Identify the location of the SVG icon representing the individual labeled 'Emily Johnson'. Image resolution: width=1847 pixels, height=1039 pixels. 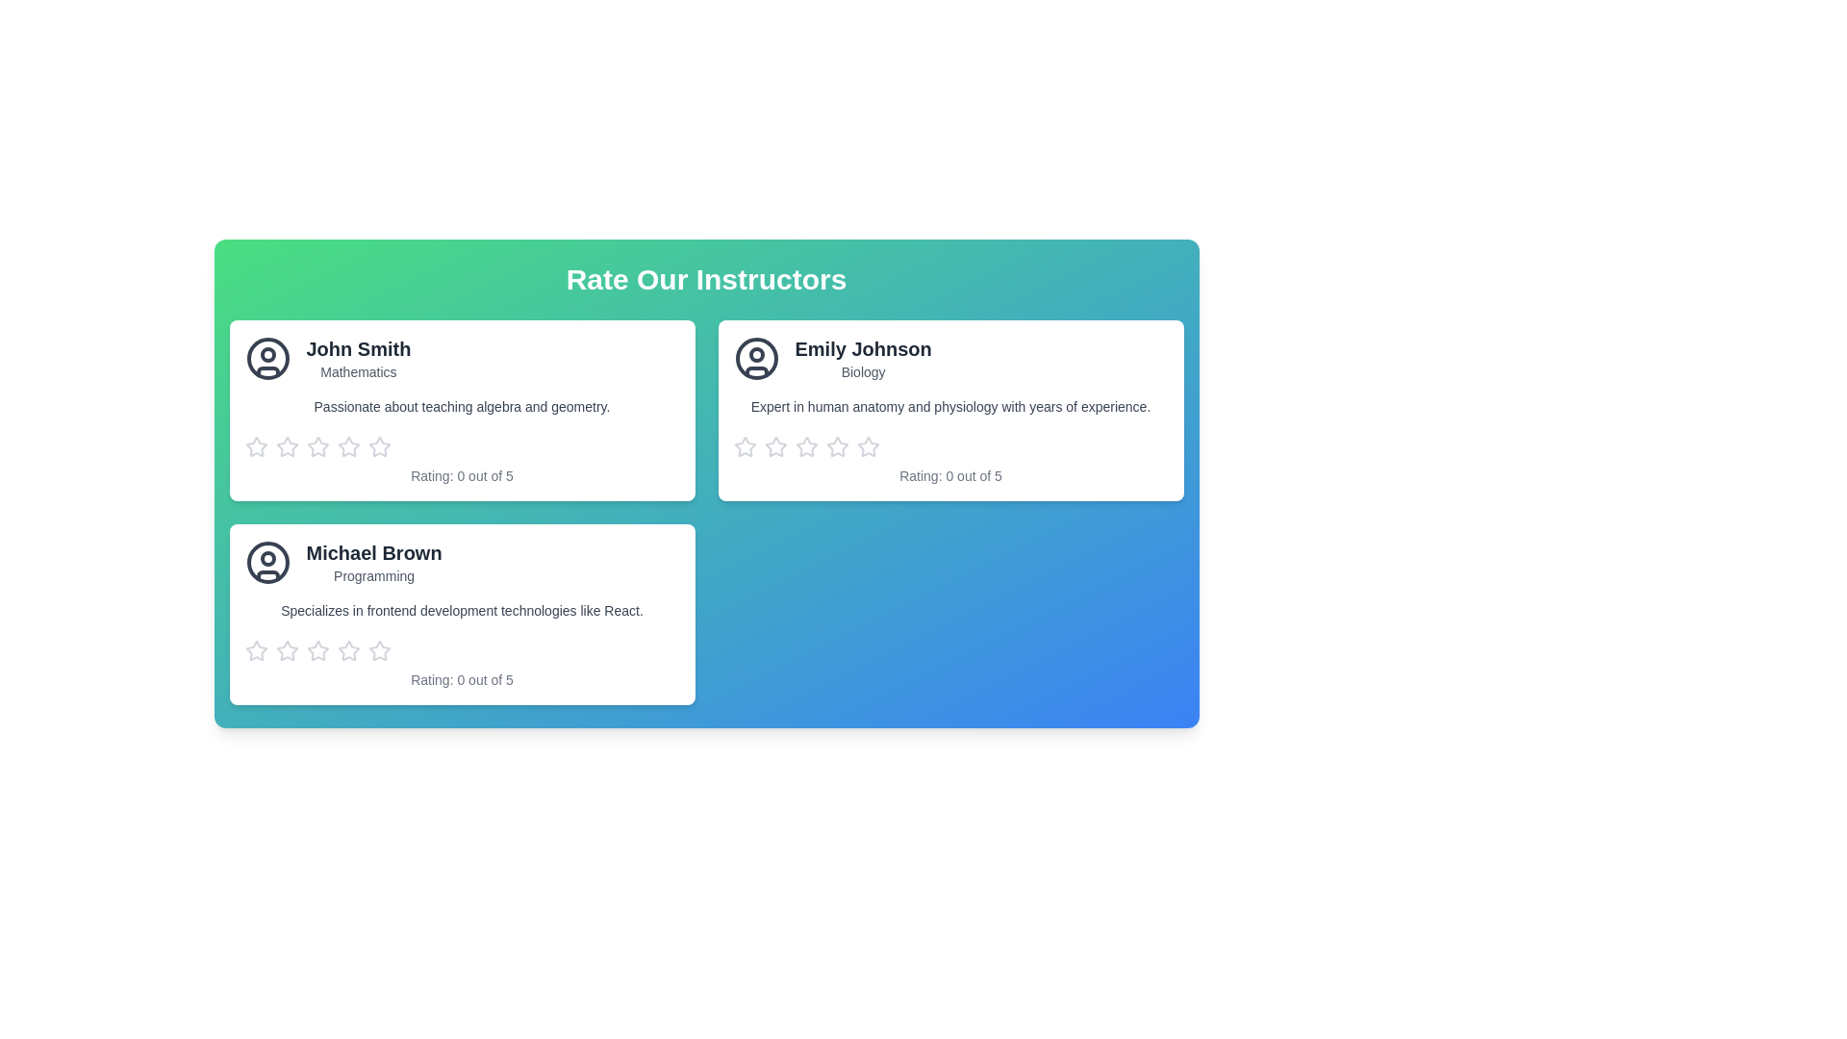
(755, 359).